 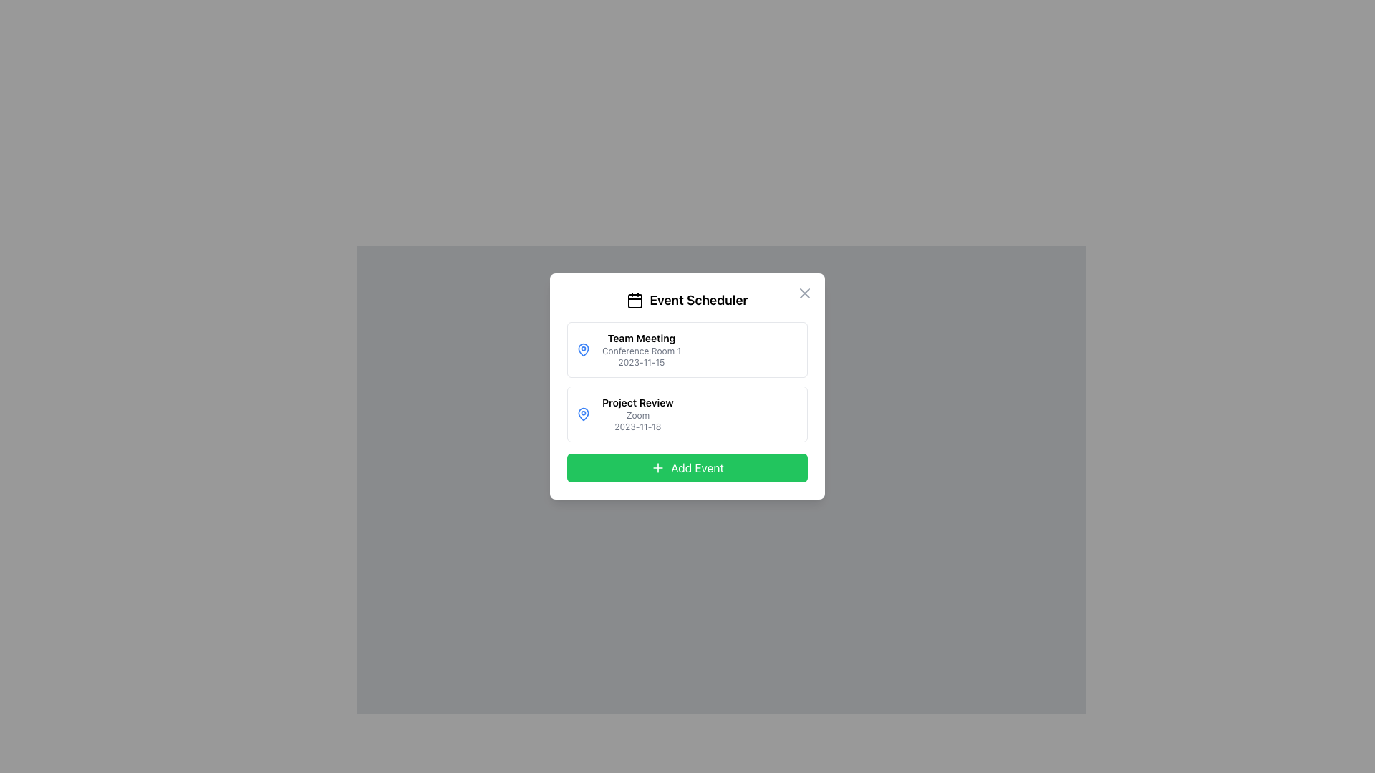 What do you see at coordinates (637, 414) in the screenshot?
I see `the 'Project Review' informational block` at bounding box center [637, 414].